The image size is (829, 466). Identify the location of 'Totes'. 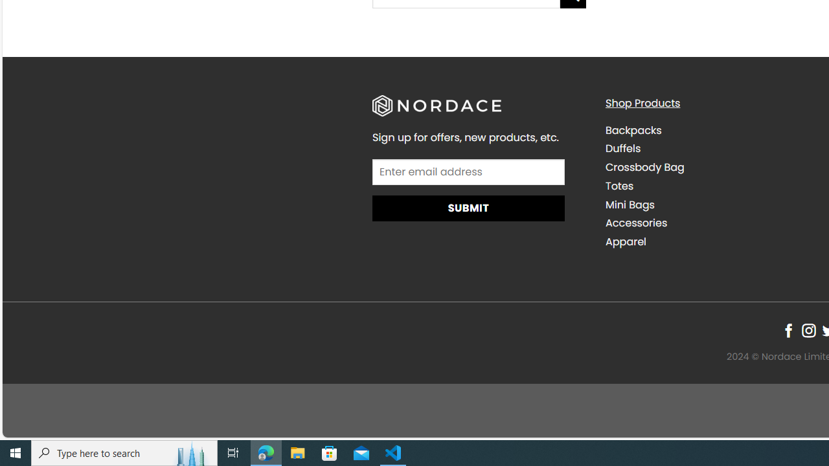
(619, 185).